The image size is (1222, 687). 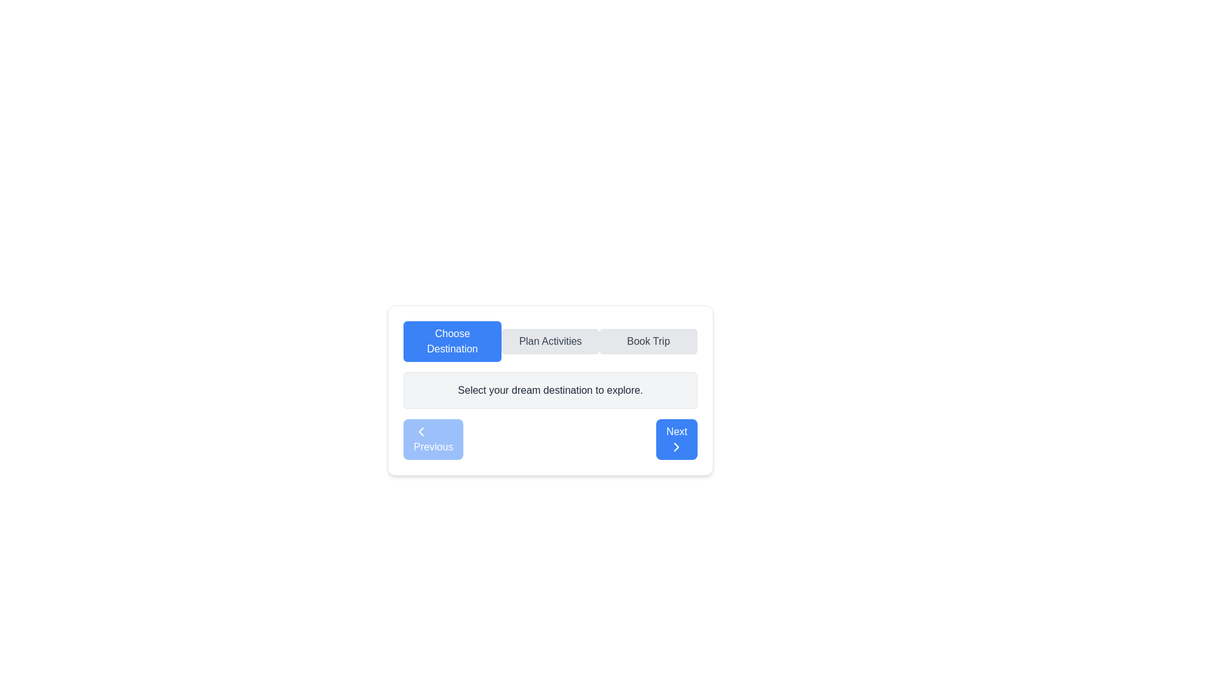 I want to click on the small right-facing chevron arrow icon on the blue background located inside the 'Next' button, so click(x=676, y=446).